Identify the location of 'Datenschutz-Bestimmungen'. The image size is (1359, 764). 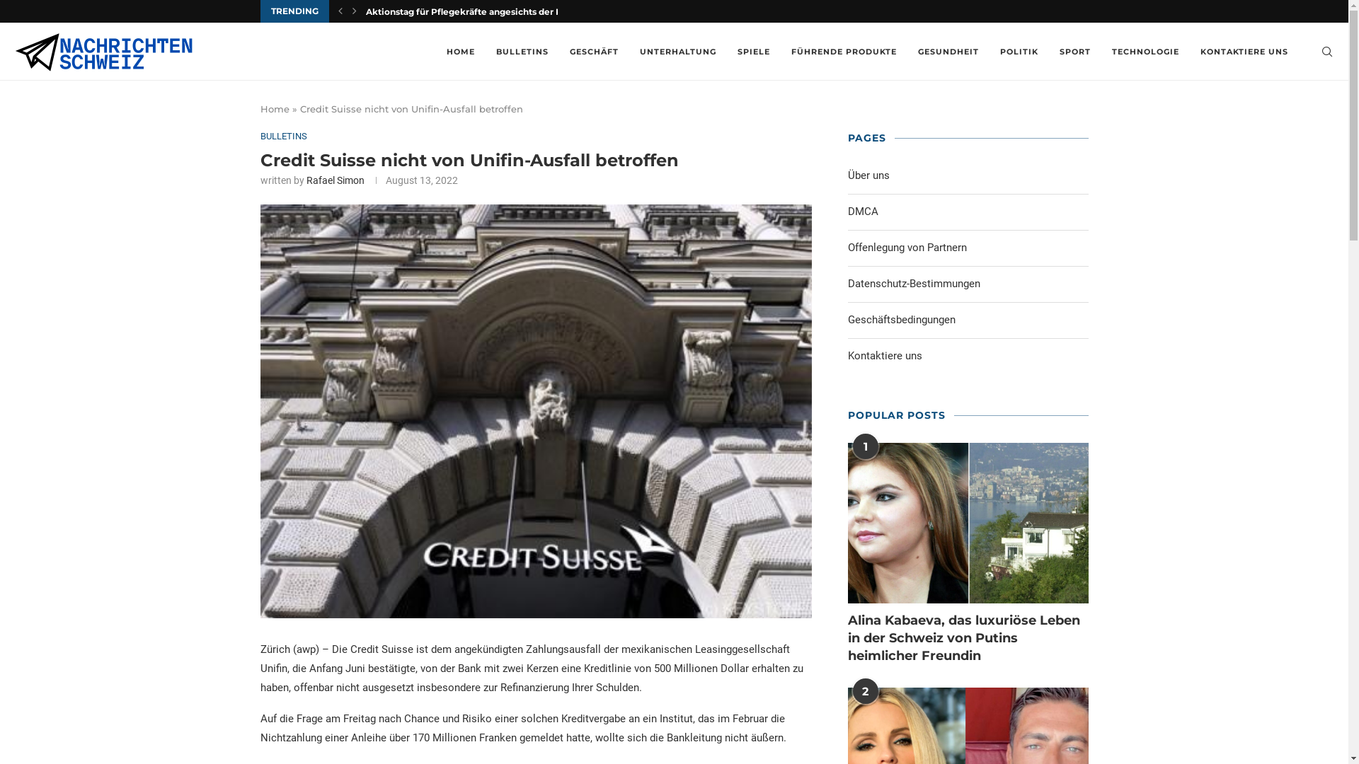
(914, 284).